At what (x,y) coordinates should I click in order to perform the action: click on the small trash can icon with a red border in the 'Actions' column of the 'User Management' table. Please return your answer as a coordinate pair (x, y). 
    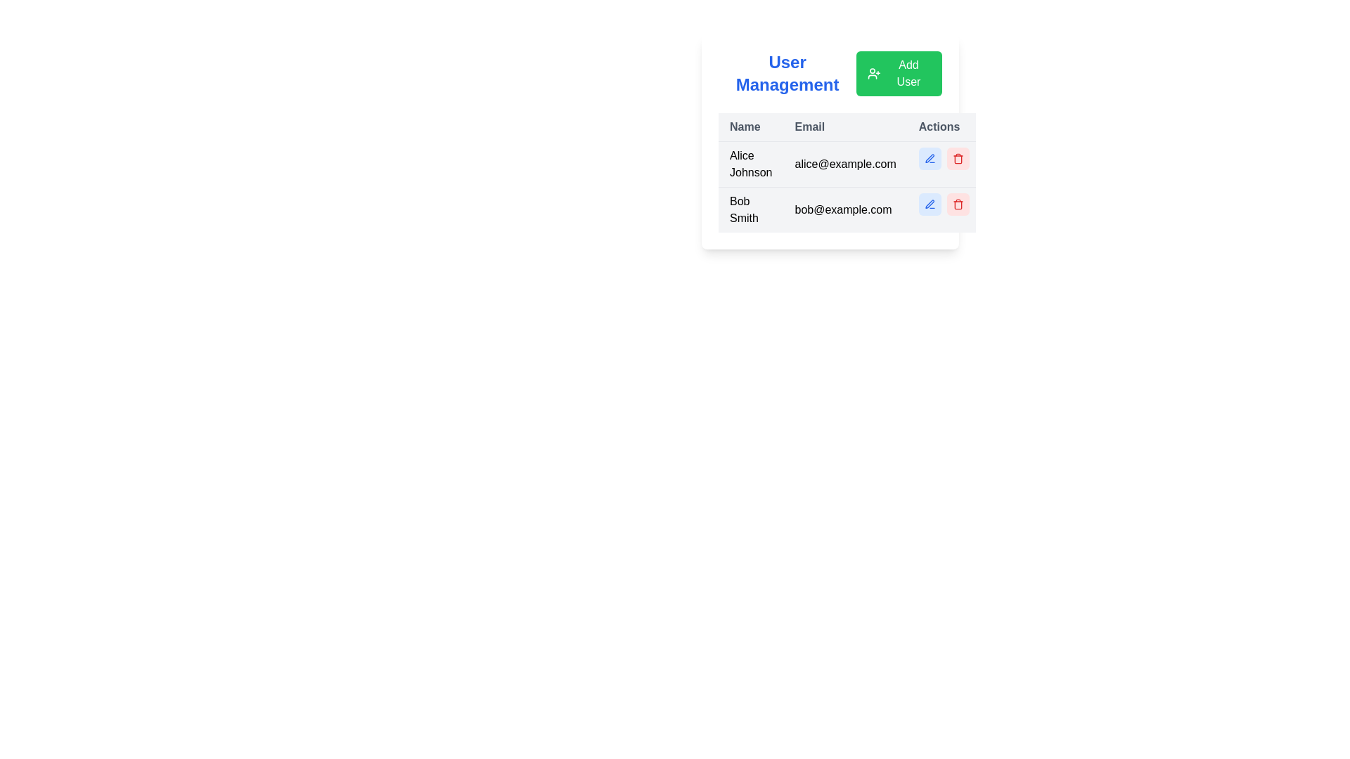
    Looking at the image, I should click on (957, 158).